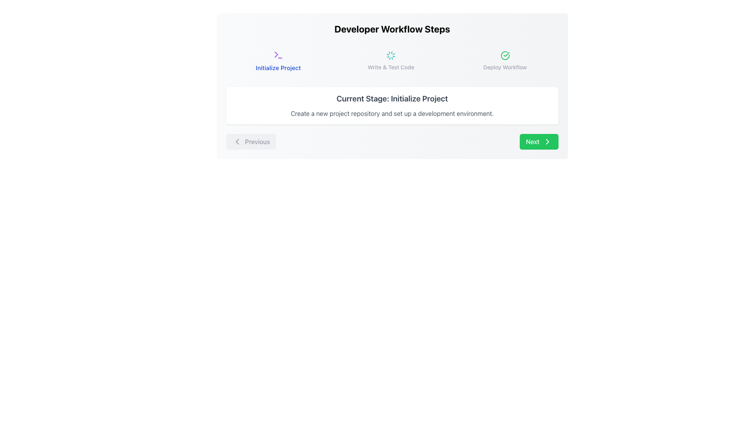  Describe the element at coordinates (278, 54) in the screenshot. I see `the purple terminal command prompt icon located at the top-left of the 'Initialize Project' section, above the 'Initialize Project' label` at that location.